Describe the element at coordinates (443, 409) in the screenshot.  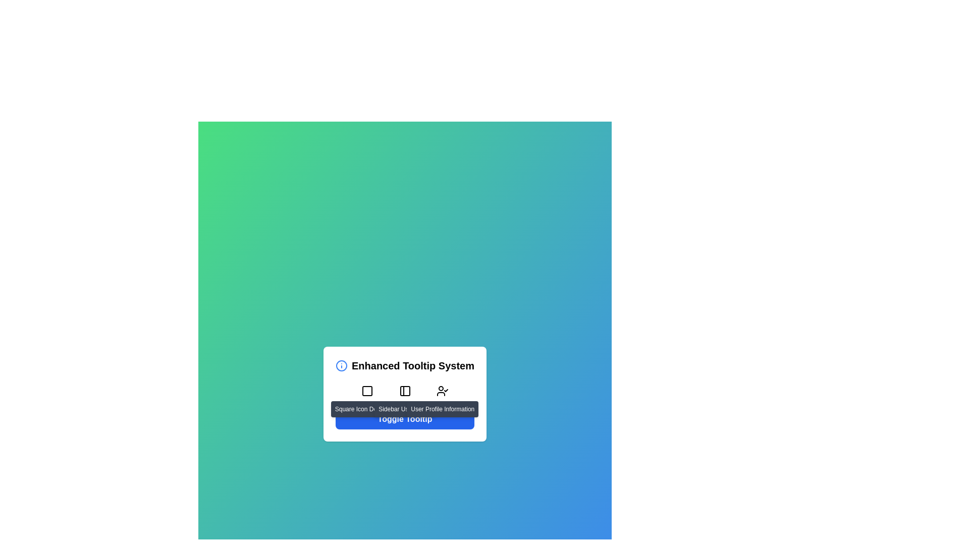
I see `information provided by the tooltip located directly below the user profile icon, which is the fourth icon in the 'Enhanced Tooltip System' section` at that location.